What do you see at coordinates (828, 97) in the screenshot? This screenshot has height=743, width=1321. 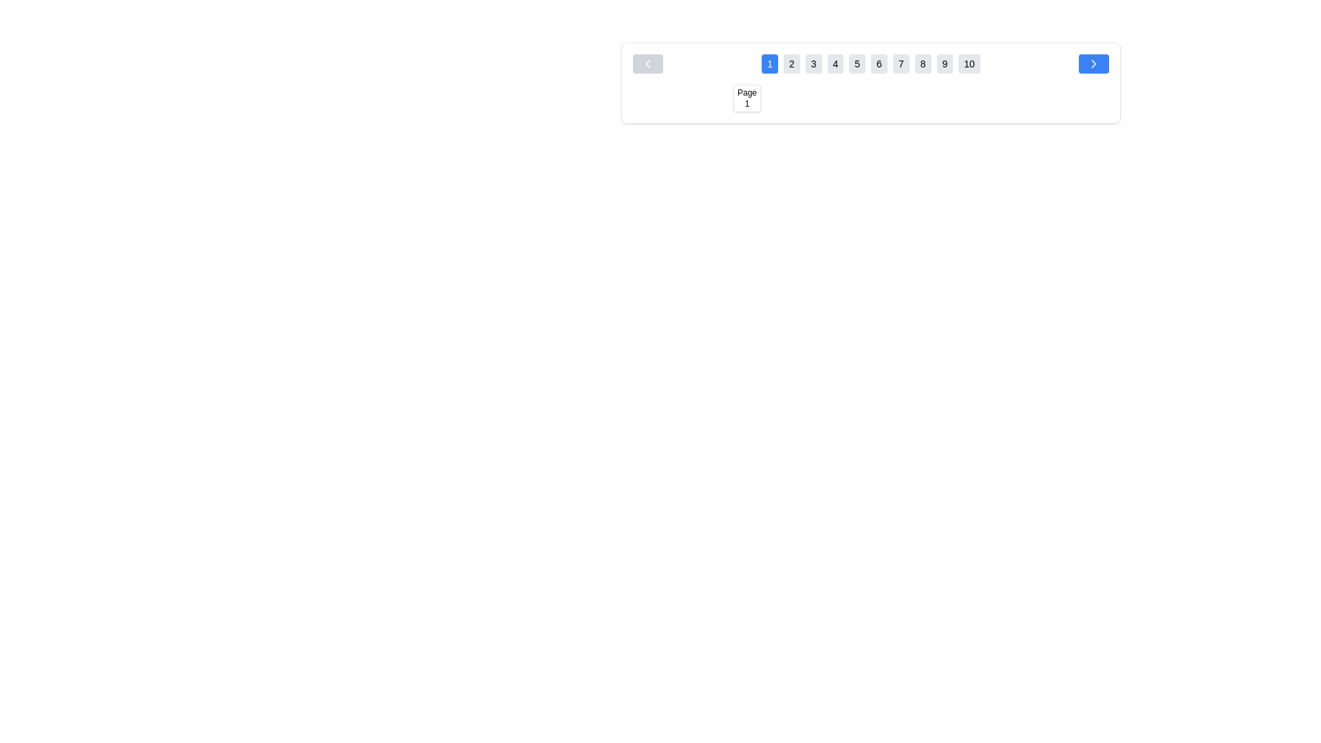 I see `the pagination button that represents Page 4` at bounding box center [828, 97].